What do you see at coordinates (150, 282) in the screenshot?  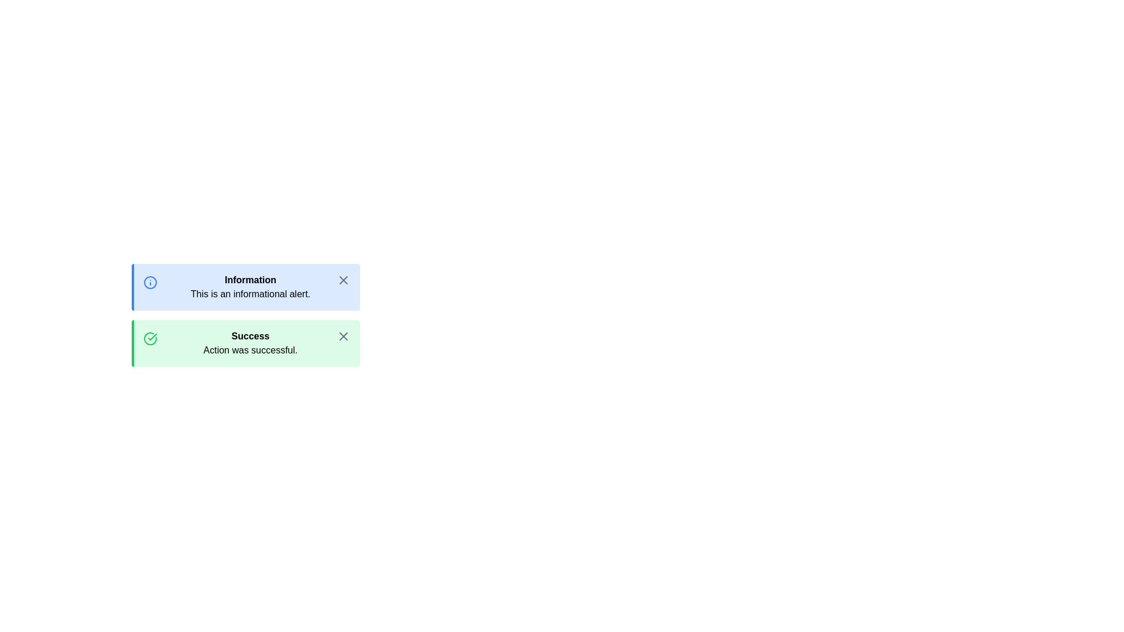 I see `the circular blue information icon located at the top-left corner of the blue alert box titled 'Information'` at bounding box center [150, 282].